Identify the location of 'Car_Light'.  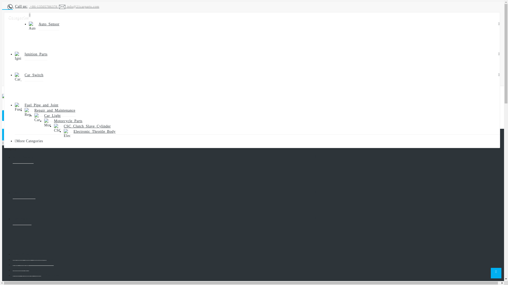
(44, 116).